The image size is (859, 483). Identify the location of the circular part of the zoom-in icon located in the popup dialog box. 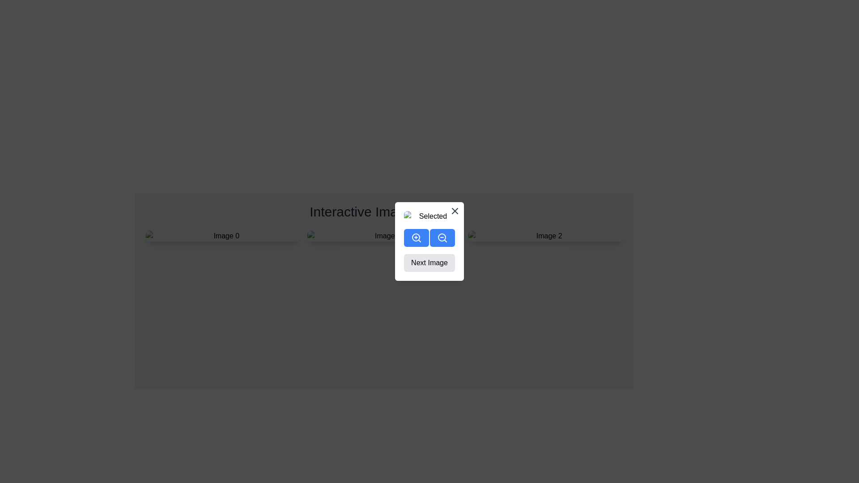
(416, 237).